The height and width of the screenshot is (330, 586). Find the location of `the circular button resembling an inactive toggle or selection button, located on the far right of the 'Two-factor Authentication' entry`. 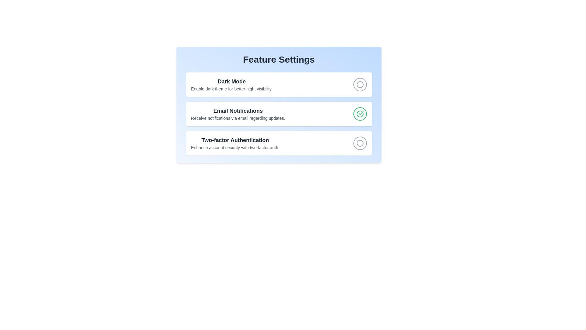

the circular button resembling an inactive toggle or selection button, located on the far right of the 'Two-factor Authentication' entry is located at coordinates (360, 143).